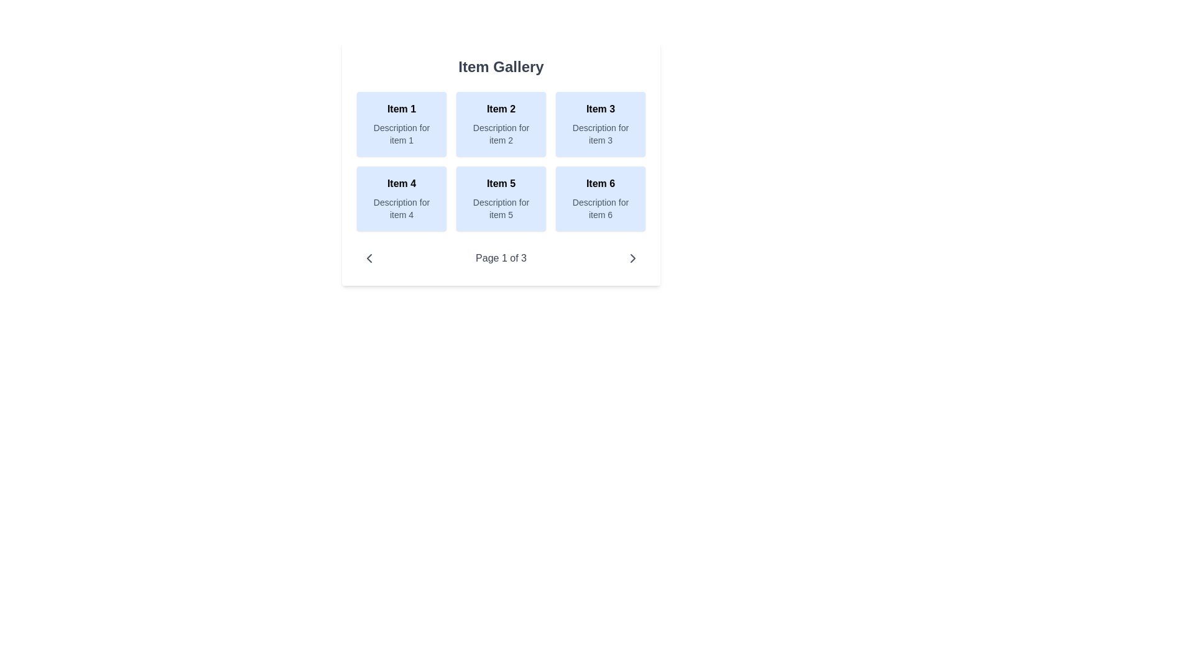 The width and height of the screenshot is (1194, 671). I want to click on displayed text located directly below the bold title 'Item 4' within the fourth item box of the grid layout, so click(402, 208).